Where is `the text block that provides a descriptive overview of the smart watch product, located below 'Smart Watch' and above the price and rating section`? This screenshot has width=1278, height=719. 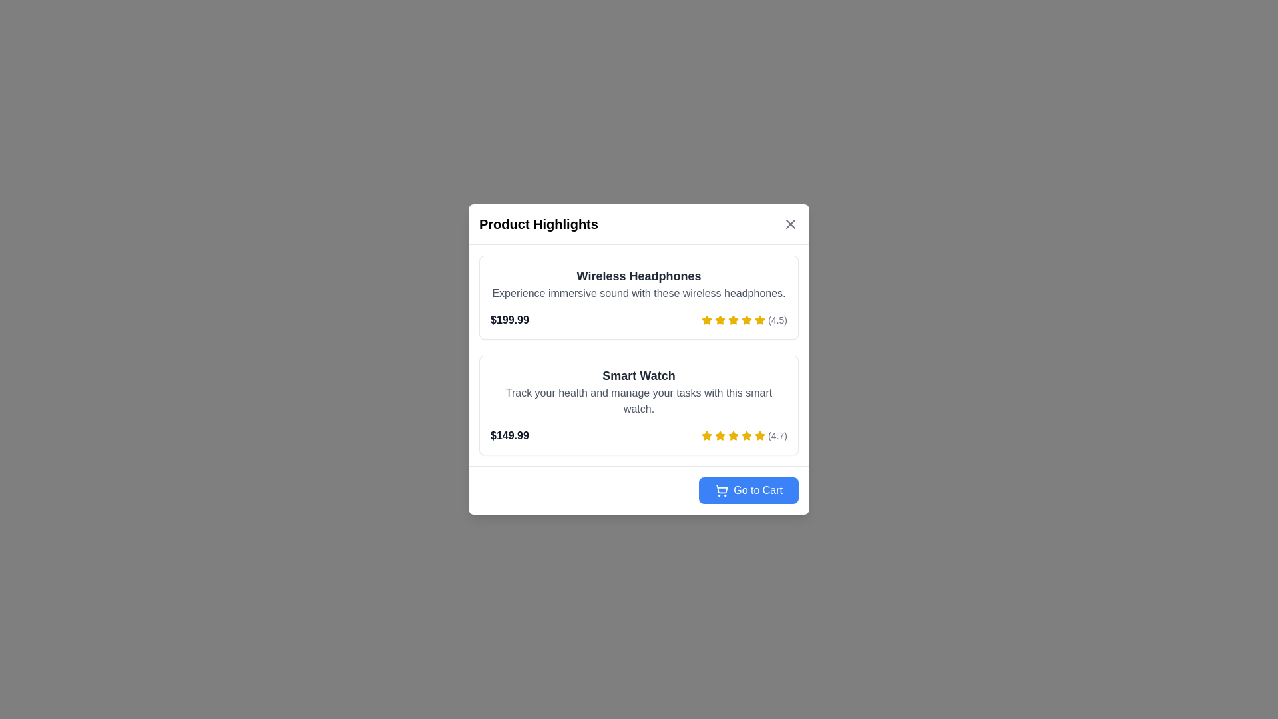 the text block that provides a descriptive overview of the smart watch product, located below 'Smart Watch' and above the price and rating section is located at coordinates (639, 400).